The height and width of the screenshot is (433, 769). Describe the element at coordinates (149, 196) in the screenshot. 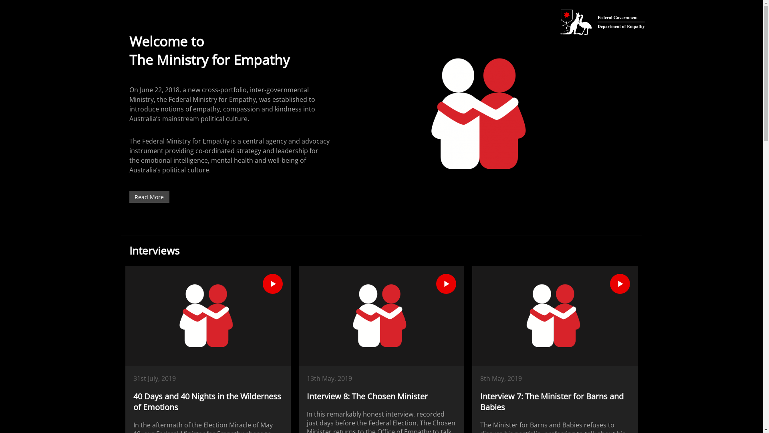

I see `'Read More'` at that location.